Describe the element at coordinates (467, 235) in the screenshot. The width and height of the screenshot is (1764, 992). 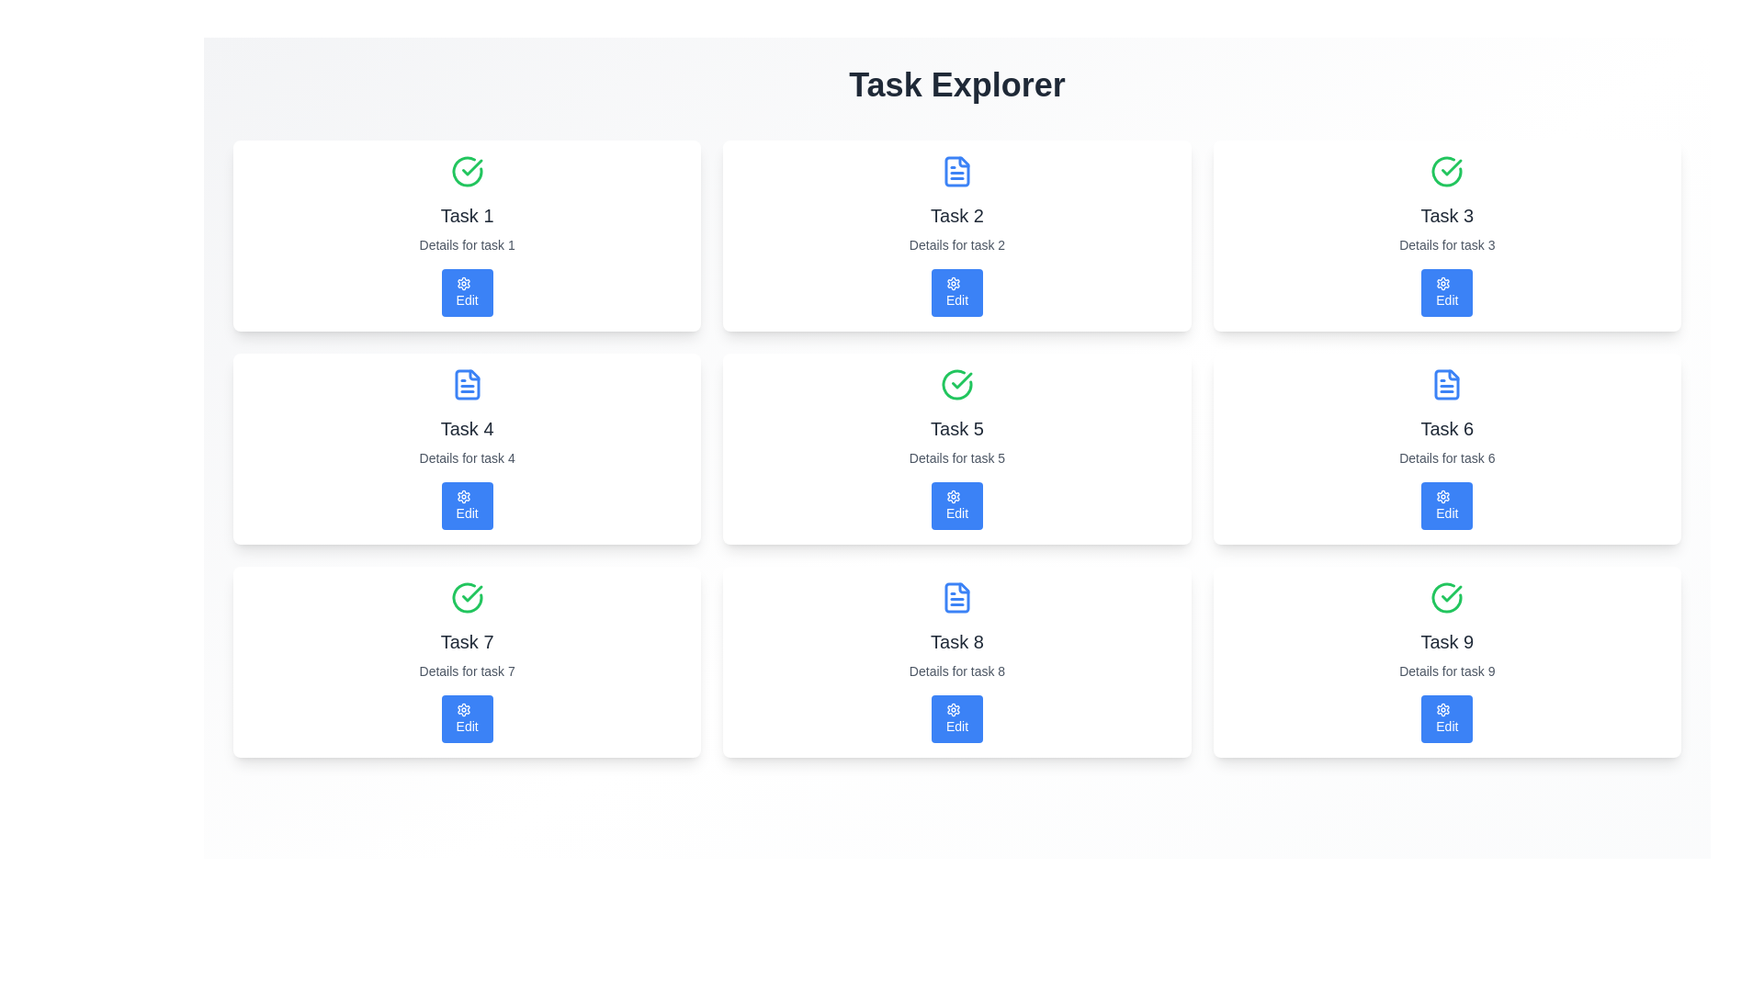
I see `the first task card` at that location.